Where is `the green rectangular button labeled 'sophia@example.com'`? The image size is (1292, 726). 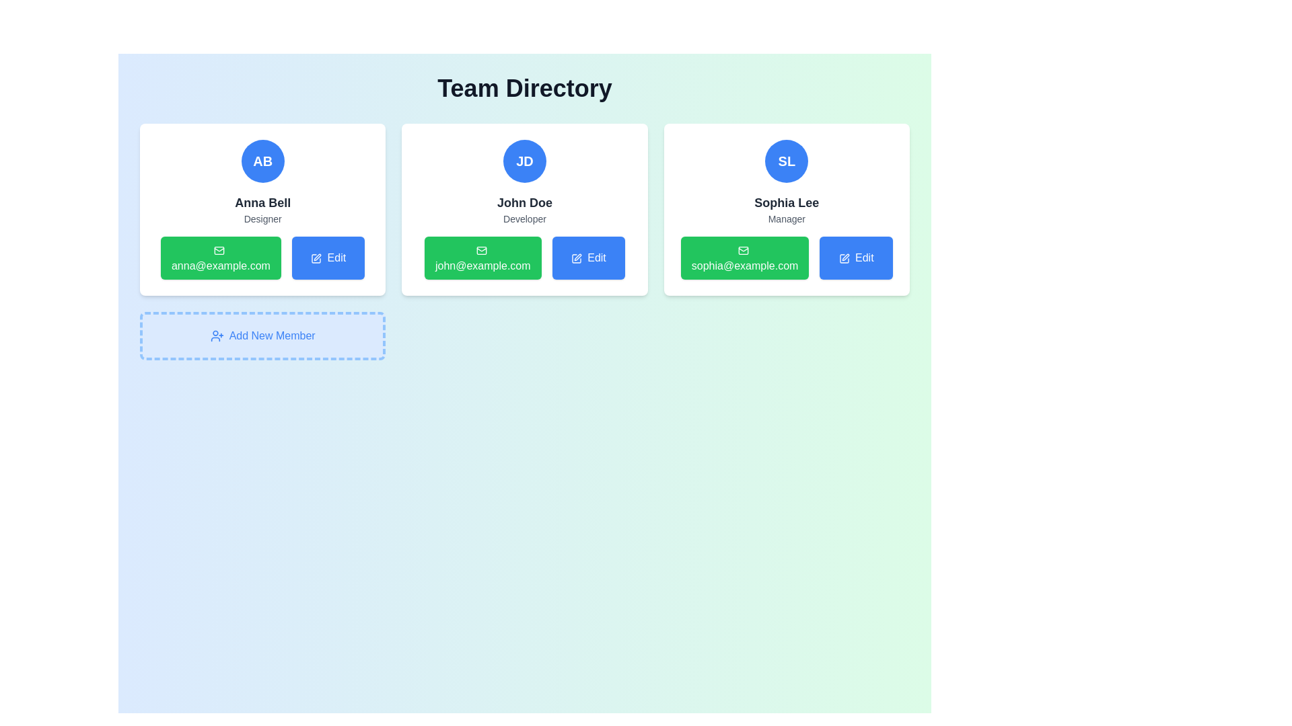 the green rectangular button labeled 'sophia@example.com' is located at coordinates (787, 258).